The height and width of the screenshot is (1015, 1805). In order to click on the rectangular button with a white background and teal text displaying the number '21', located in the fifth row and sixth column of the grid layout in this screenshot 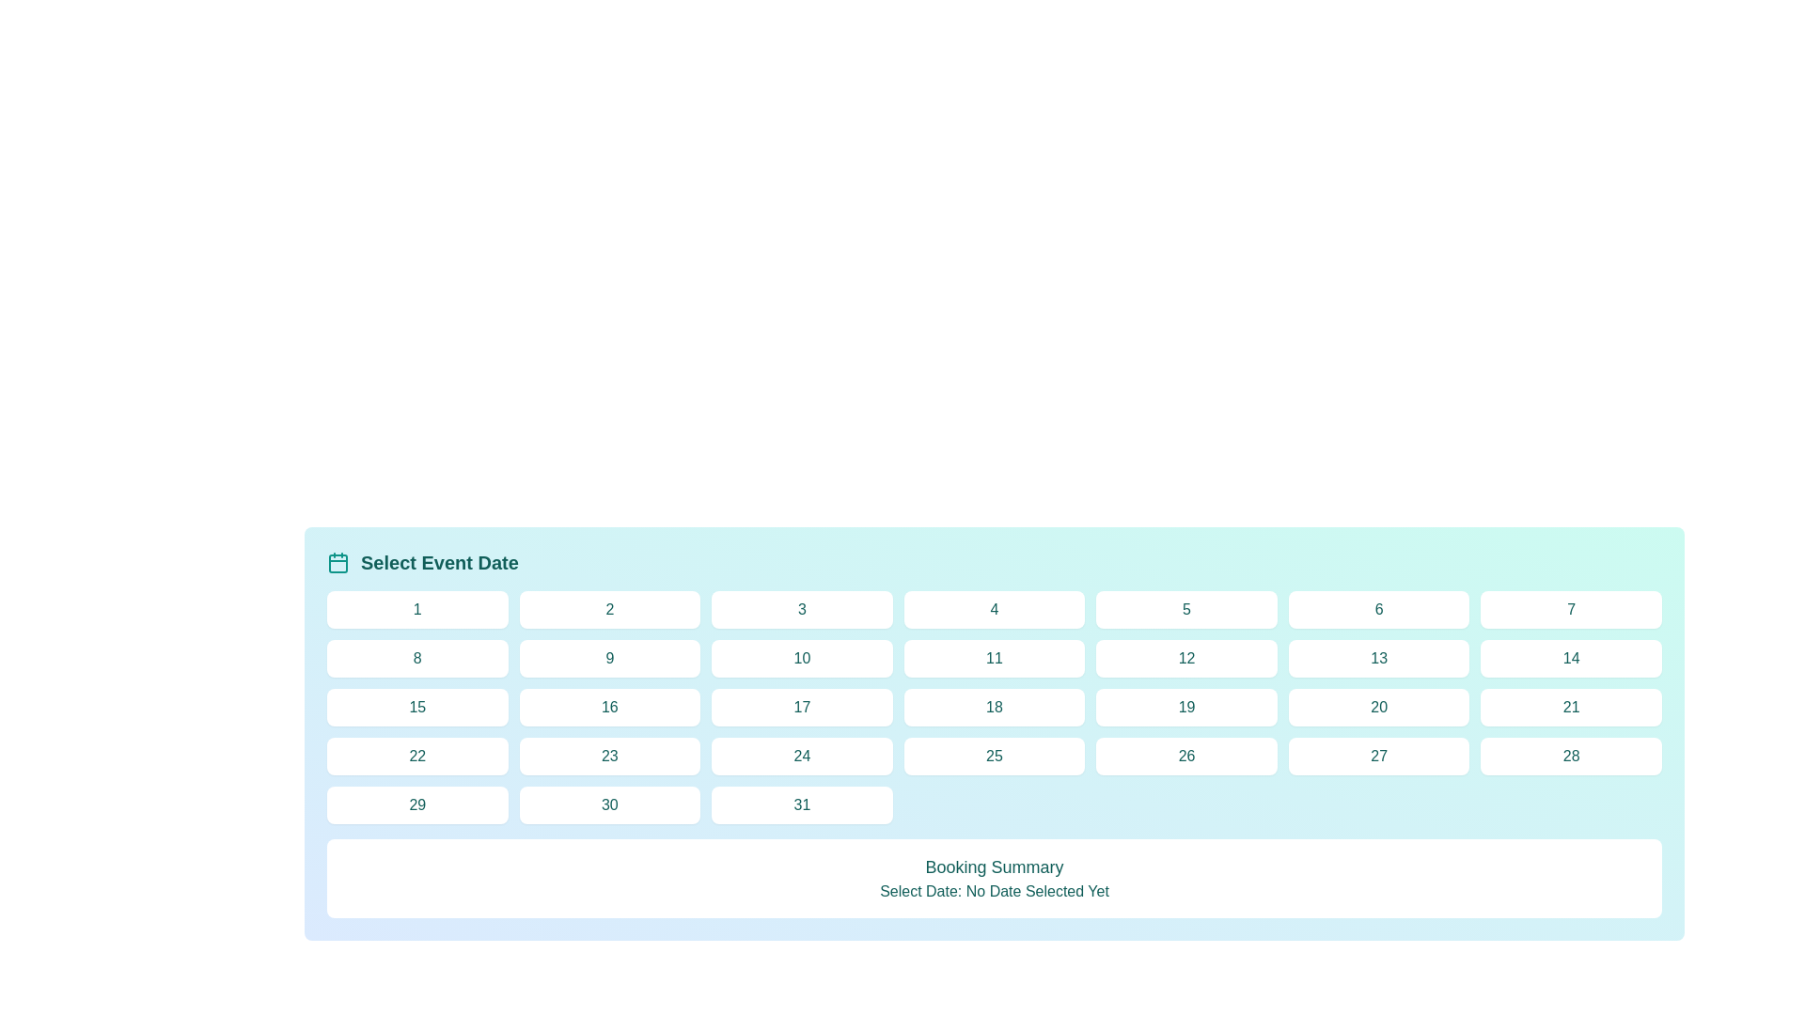, I will do `click(1571, 707)`.